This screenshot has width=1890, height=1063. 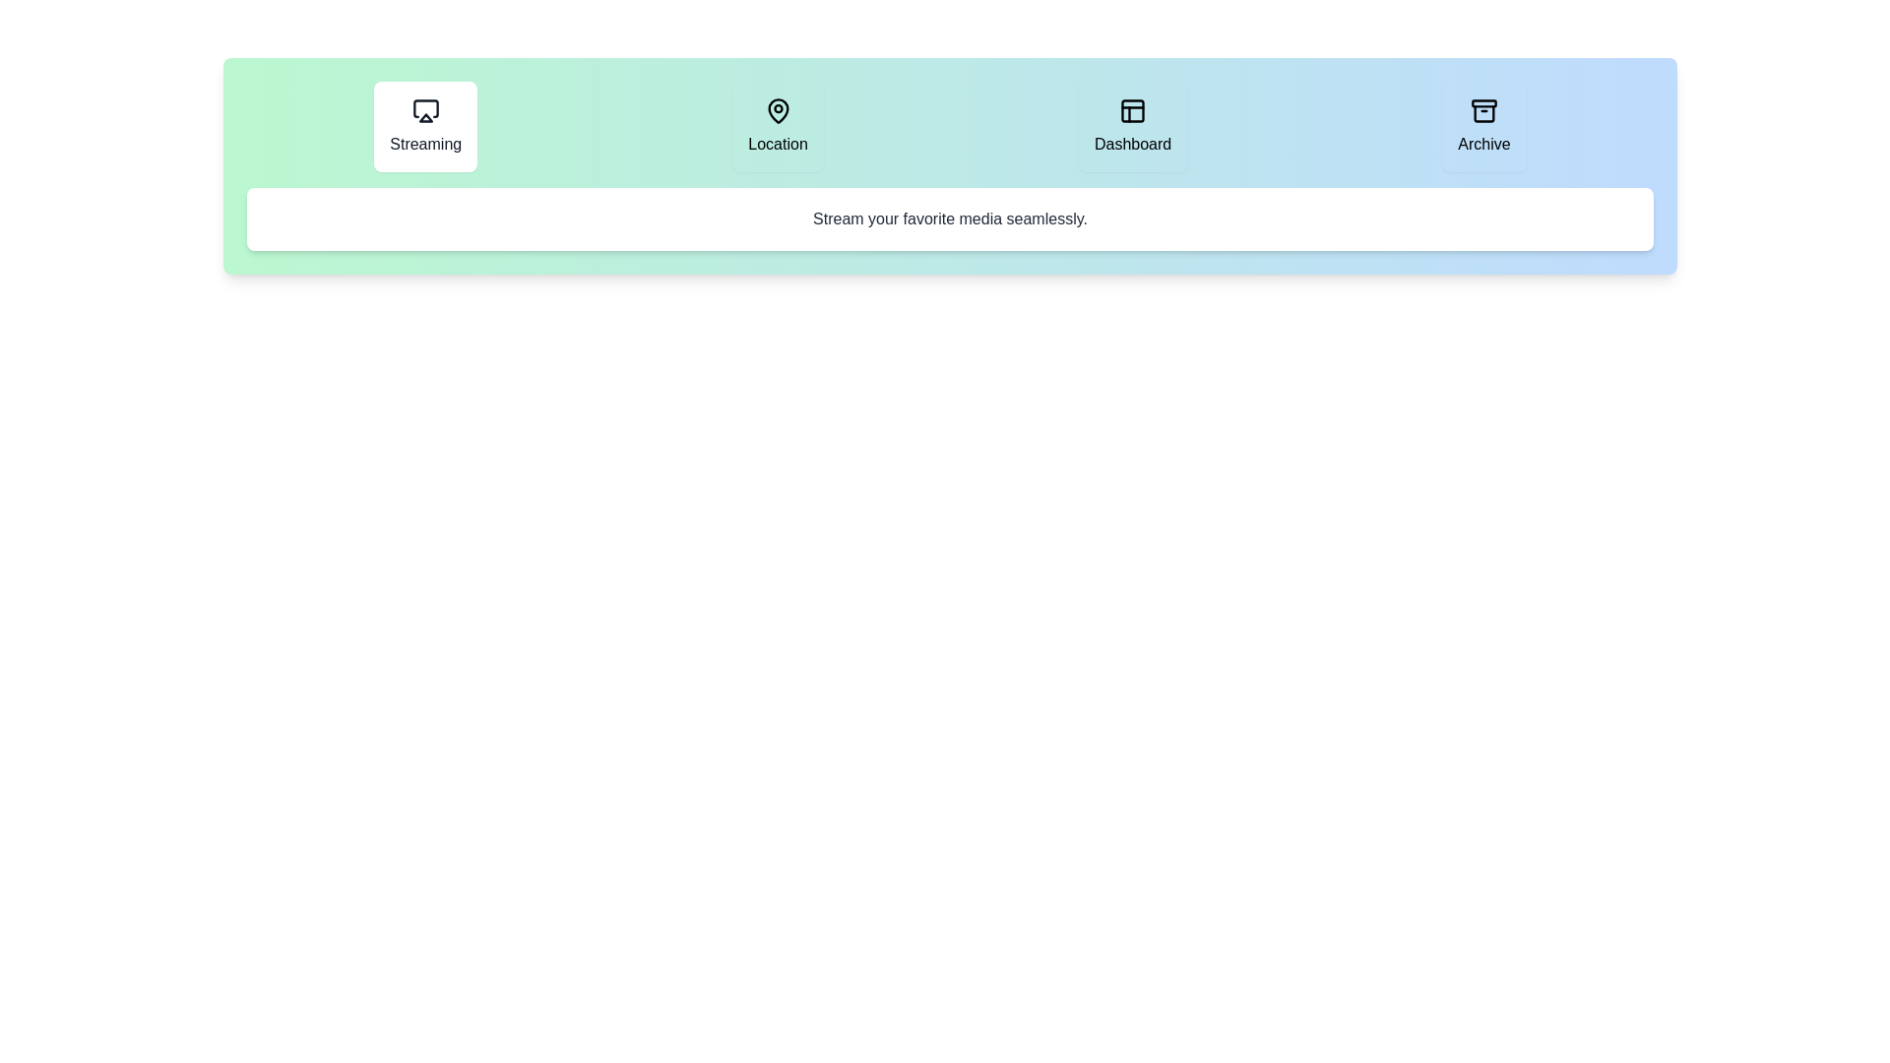 What do you see at coordinates (1133, 126) in the screenshot?
I see `the Dashboard tab to inspect its layout and visual design` at bounding box center [1133, 126].